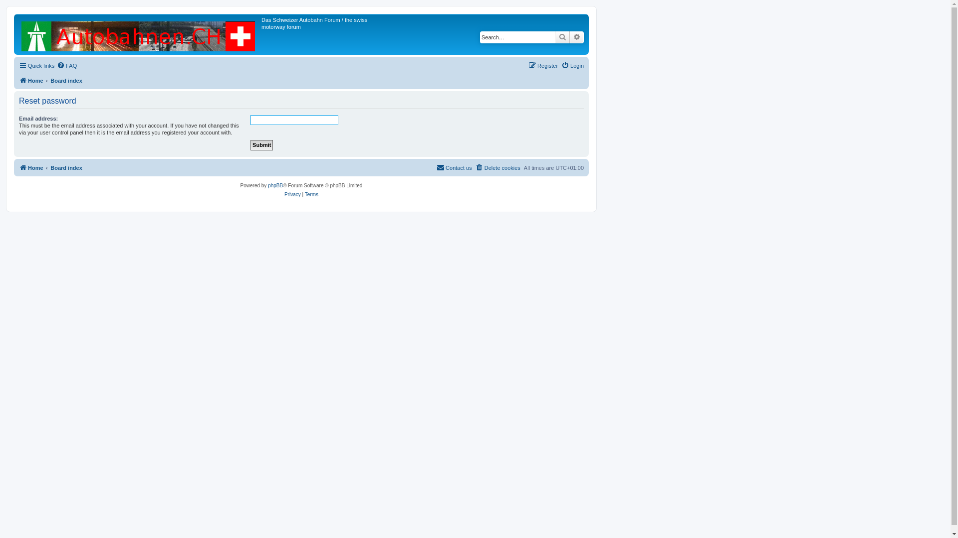  I want to click on 'Submit', so click(261, 145).